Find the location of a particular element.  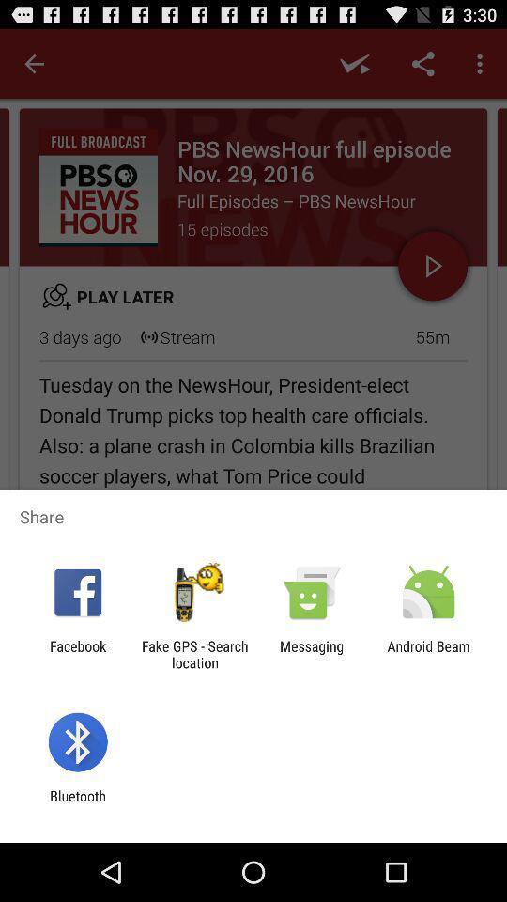

fake gps search app is located at coordinates (193, 654).